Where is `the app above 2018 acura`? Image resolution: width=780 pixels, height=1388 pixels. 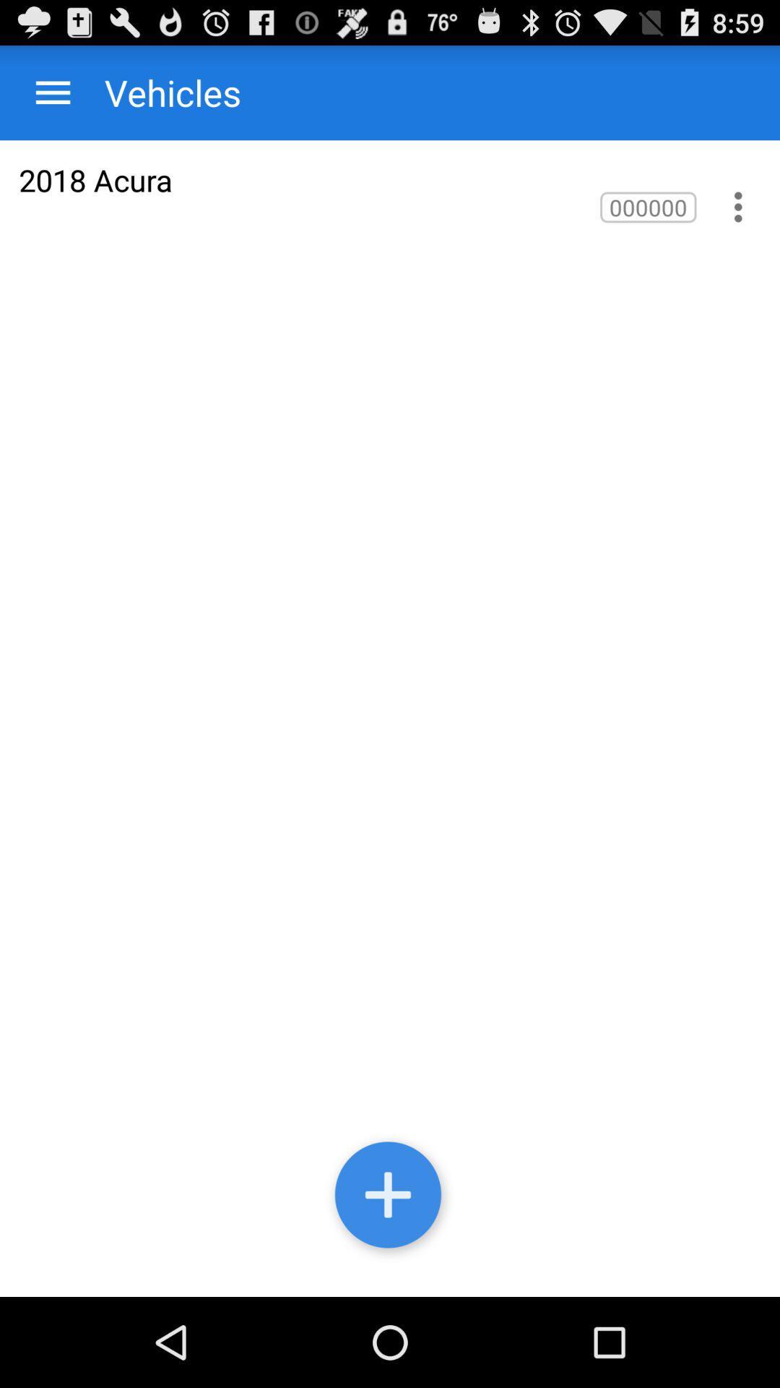 the app above 2018 acura is located at coordinates (52, 92).